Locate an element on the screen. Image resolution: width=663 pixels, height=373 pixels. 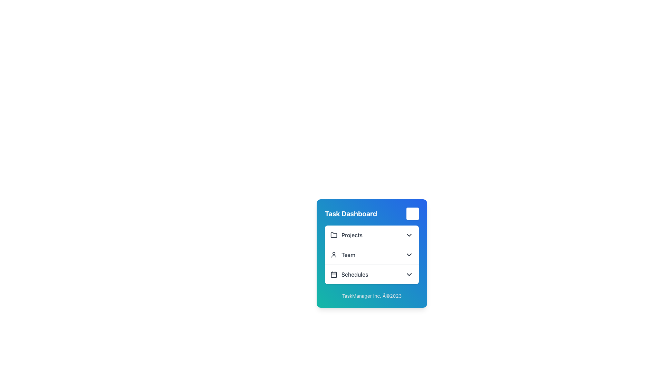
the 'Projects' list item, which features a folder icon on the left and is the first selectable item in the task management interface is located at coordinates (346, 235).